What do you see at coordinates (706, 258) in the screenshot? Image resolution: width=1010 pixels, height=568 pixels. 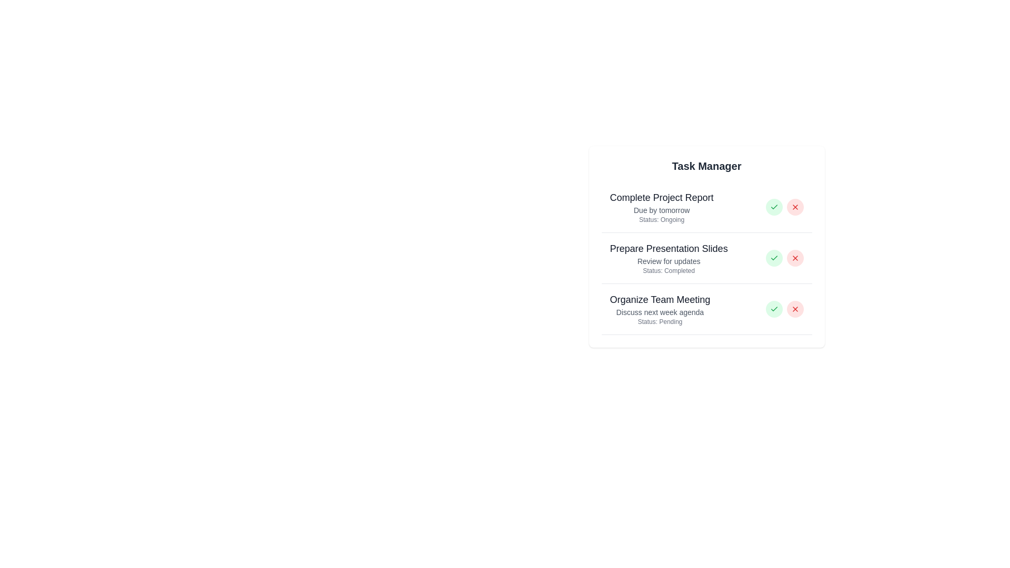 I see `the action icons of the task entry titled 'Prepare Presentation Slides' in the Task Manager to change status or perform related actions` at bounding box center [706, 258].